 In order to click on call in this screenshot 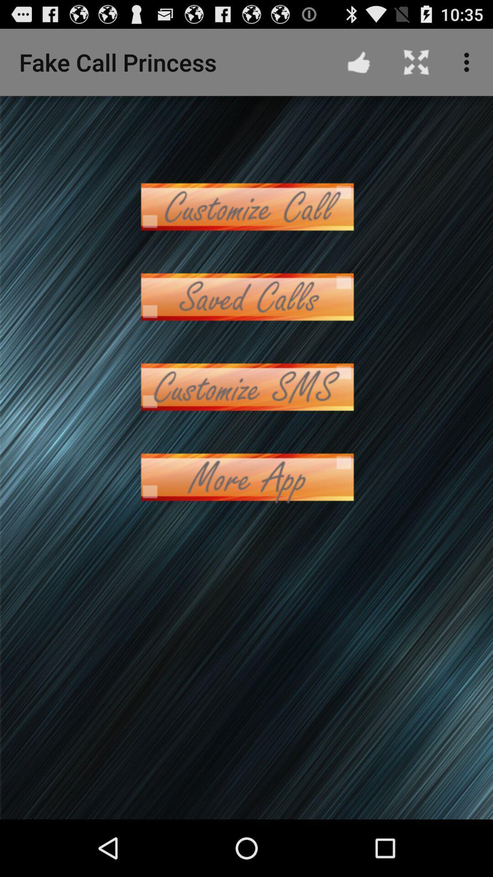, I will do `click(246, 297)`.